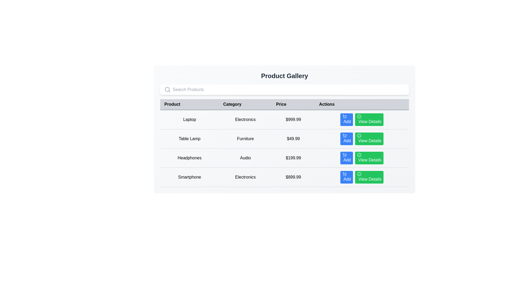 The width and height of the screenshot is (505, 284). Describe the element at coordinates (359, 135) in the screenshot. I see `the informative SVG icon located within the 'View Details' button of the 'Actions' column in the second row of the product table, corresponding to the 'Table Lamp' product` at that location.